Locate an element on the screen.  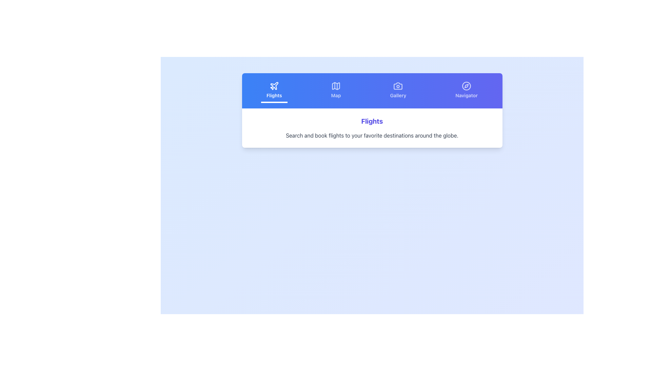
the Text label for the 'Flights' navigation tab, which is positioned below an airplane icon and part of the first tab of navigation options is located at coordinates (274, 95).